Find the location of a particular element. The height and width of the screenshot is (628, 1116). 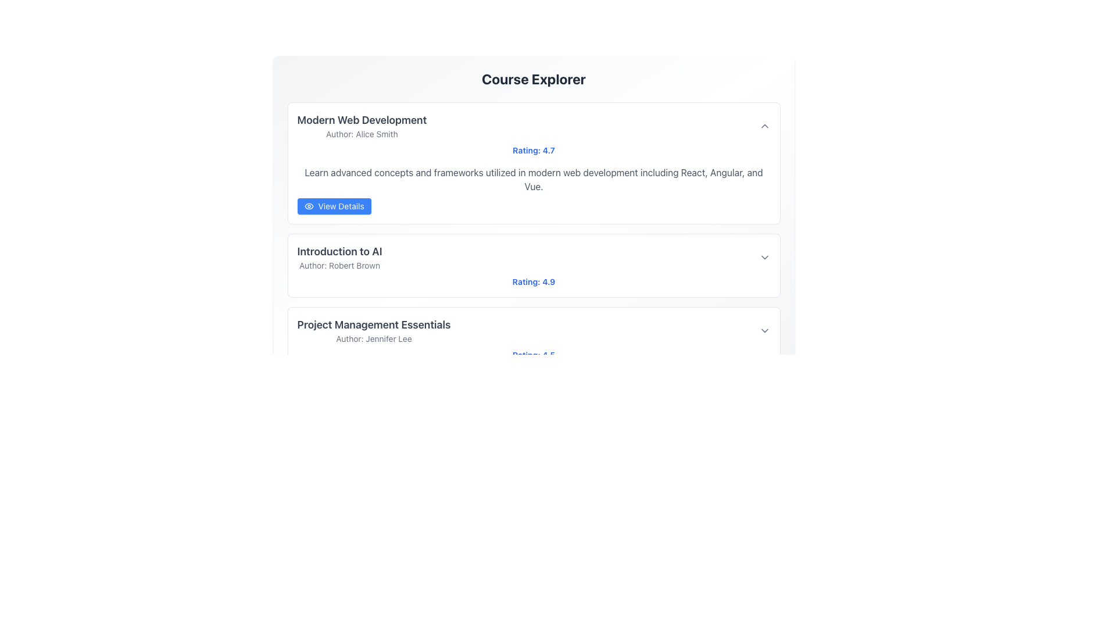

the authorship attribution text located directly below the 'Project Management Essentials' heading is located at coordinates (374, 338).